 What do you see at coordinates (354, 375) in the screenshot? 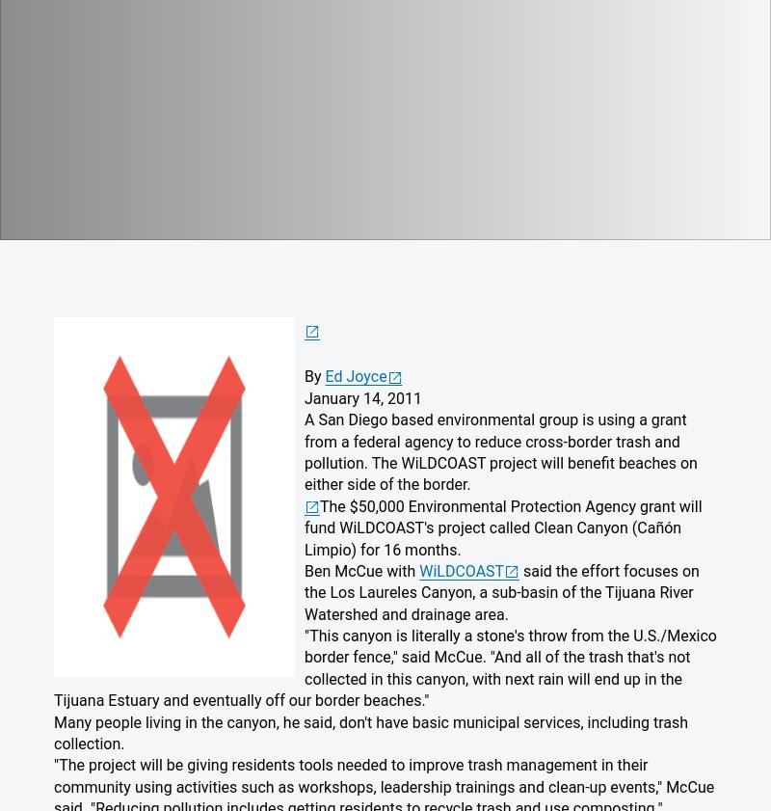
I see `'Ed Joyce'` at bounding box center [354, 375].